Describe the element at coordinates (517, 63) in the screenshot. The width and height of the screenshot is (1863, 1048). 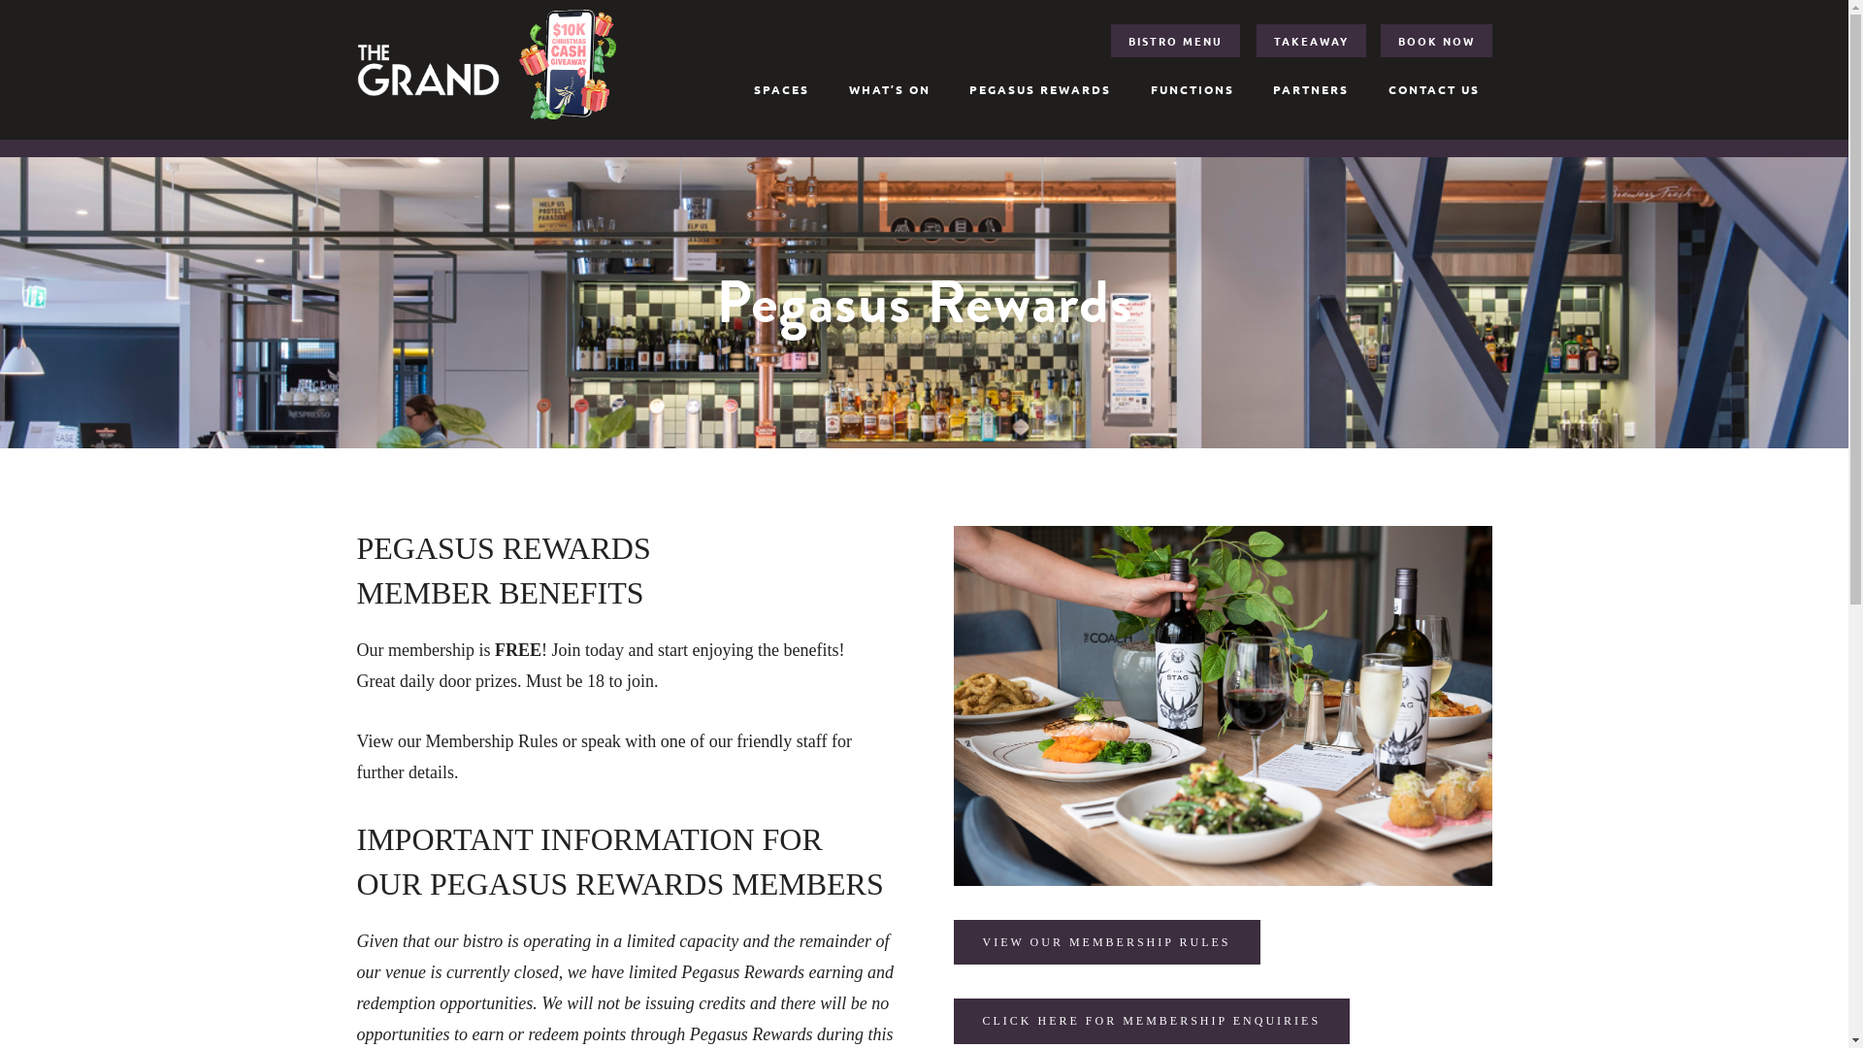
I see `'CHRISTMAS CASH GIVEAWAY'` at that location.